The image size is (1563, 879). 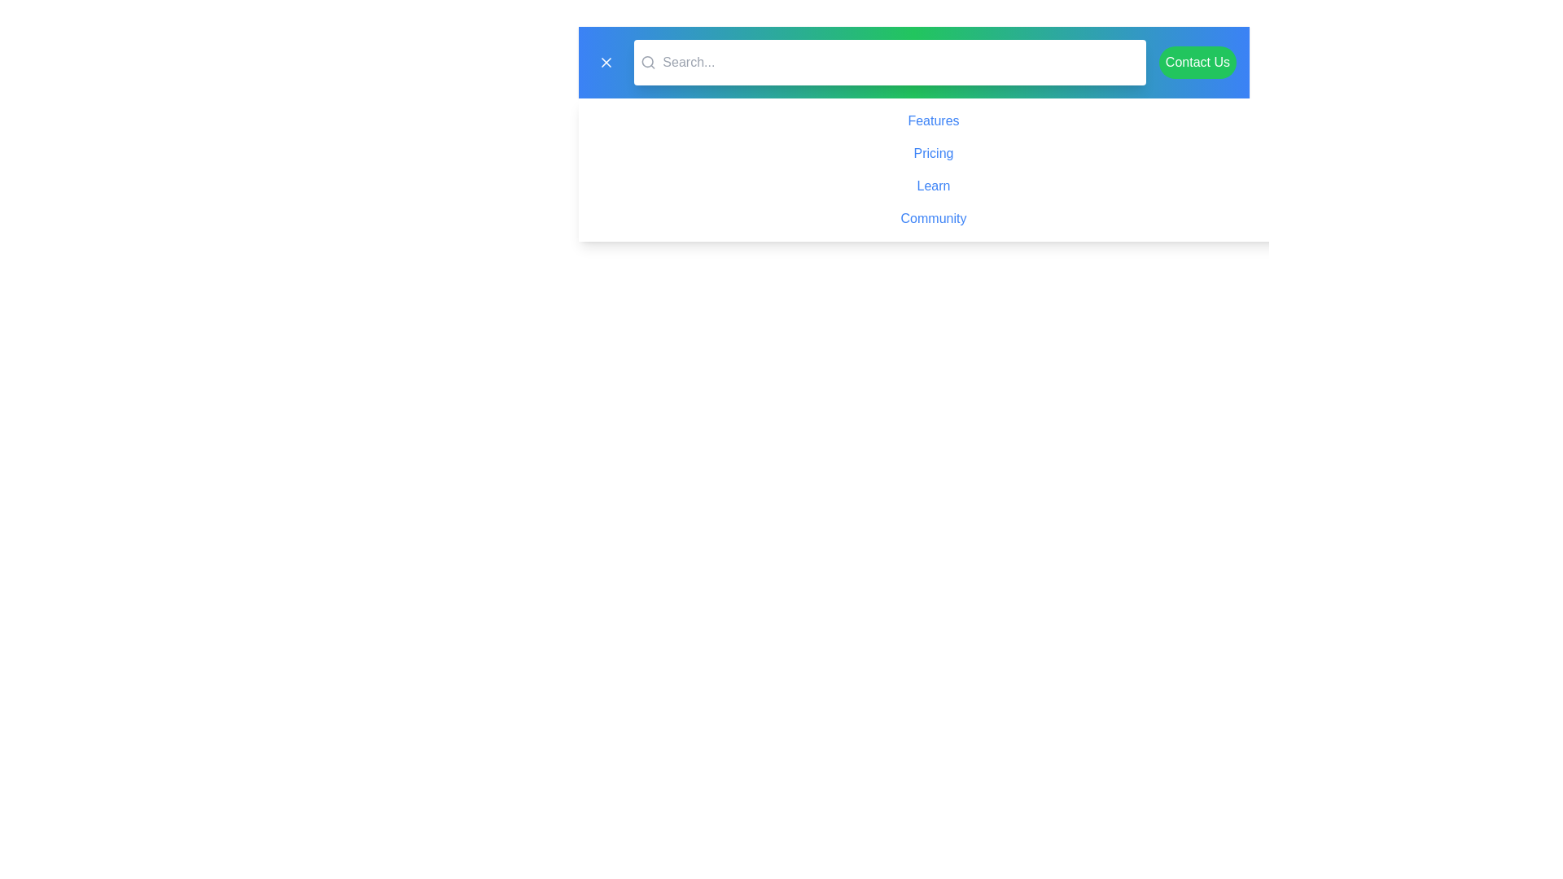 What do you see at coordinates (1197, 62) in the screenshot?
I see `the rightmost button on the horizontal bar` at bounding box center [1197, 62].